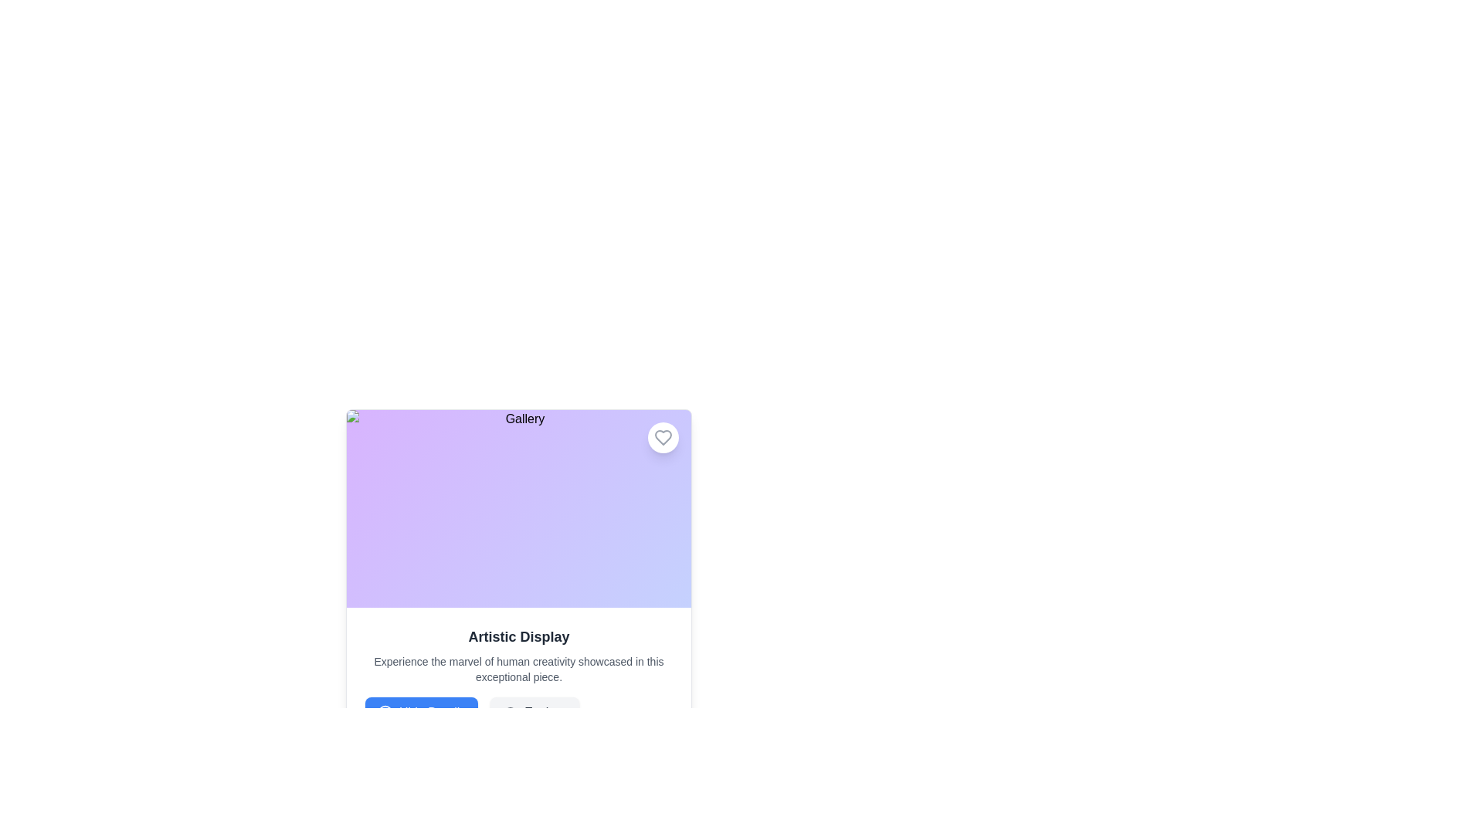 This screenshot has width=1483, height=834. What do you see at coordinates (422, 712) in the screenshot?
I see `the button located in the lower central part of the card, directly to the left of the 'Explore' button` at bounding box center [422, 712].